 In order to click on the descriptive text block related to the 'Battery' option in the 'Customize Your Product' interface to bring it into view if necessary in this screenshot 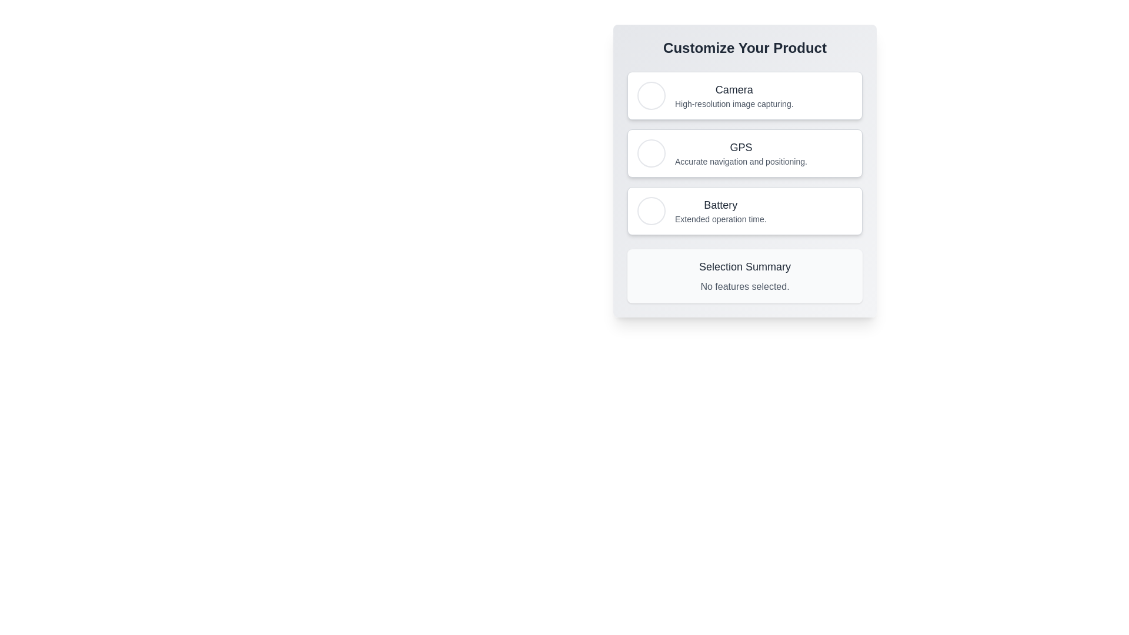, I will do `click(720, 210)`.